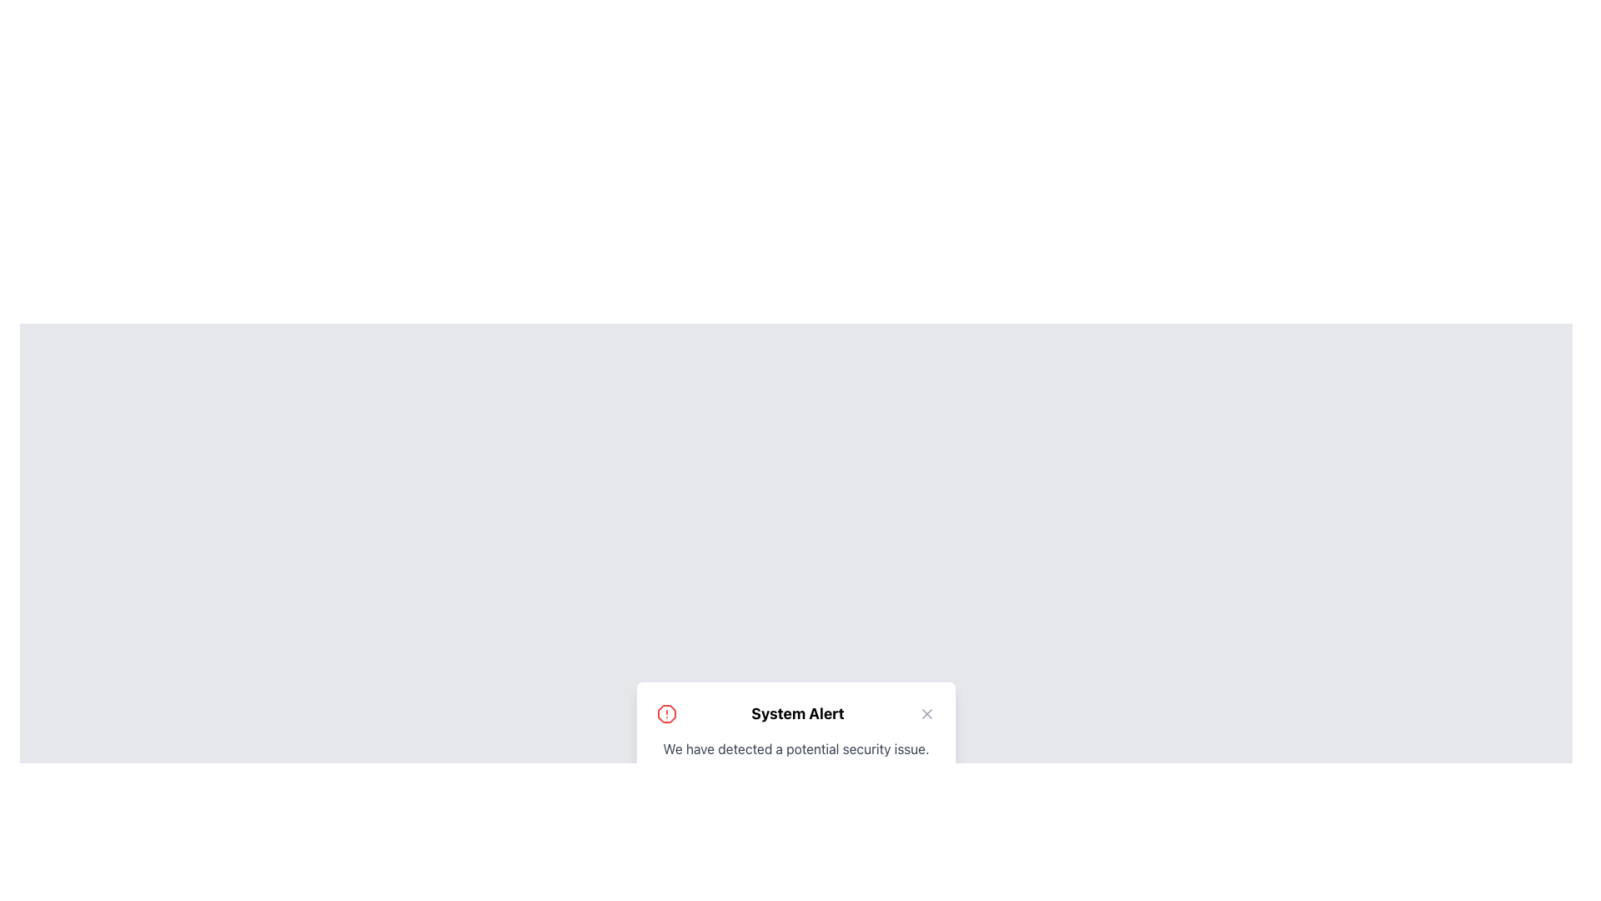  I want to click on the red octagon warning icon located inside the alert modal box, positioned to the left of the 'System Alert' text in the modal's header, so click(667, 713).